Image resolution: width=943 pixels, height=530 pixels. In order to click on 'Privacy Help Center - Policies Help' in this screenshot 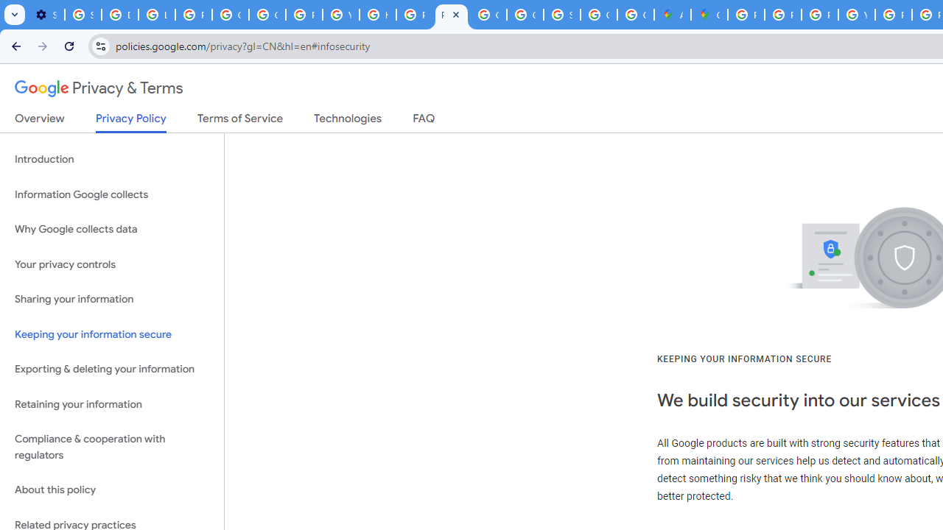, I will do `click(818, 15)`.